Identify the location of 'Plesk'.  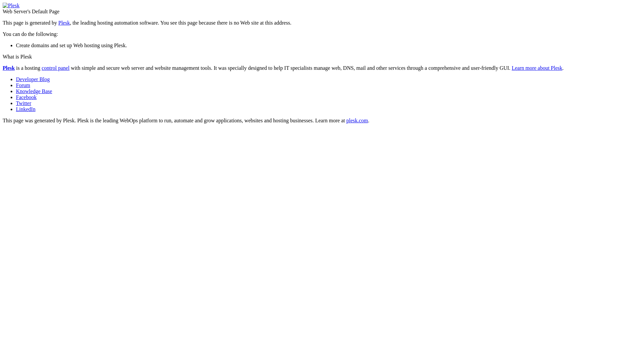
(8, 68).